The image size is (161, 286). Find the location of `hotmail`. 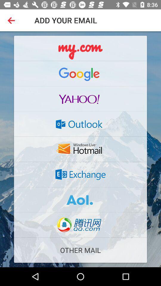

hotmail is located at coordinates (80, 149).